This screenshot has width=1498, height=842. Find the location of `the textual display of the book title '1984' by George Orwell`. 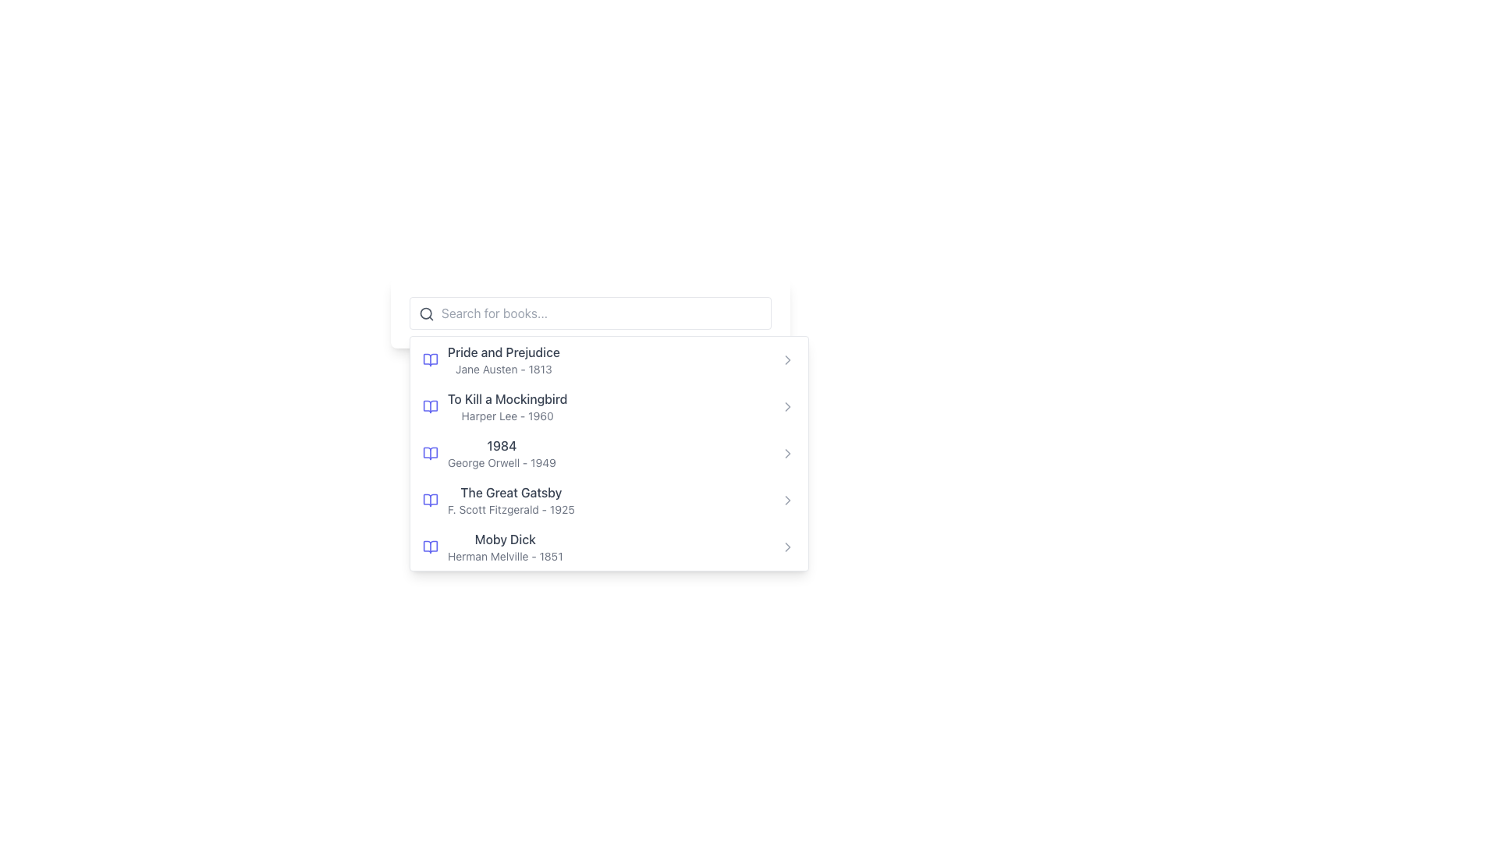

the textual display of the book title '1984' by George Orwell is located at coordinates (502, 454).